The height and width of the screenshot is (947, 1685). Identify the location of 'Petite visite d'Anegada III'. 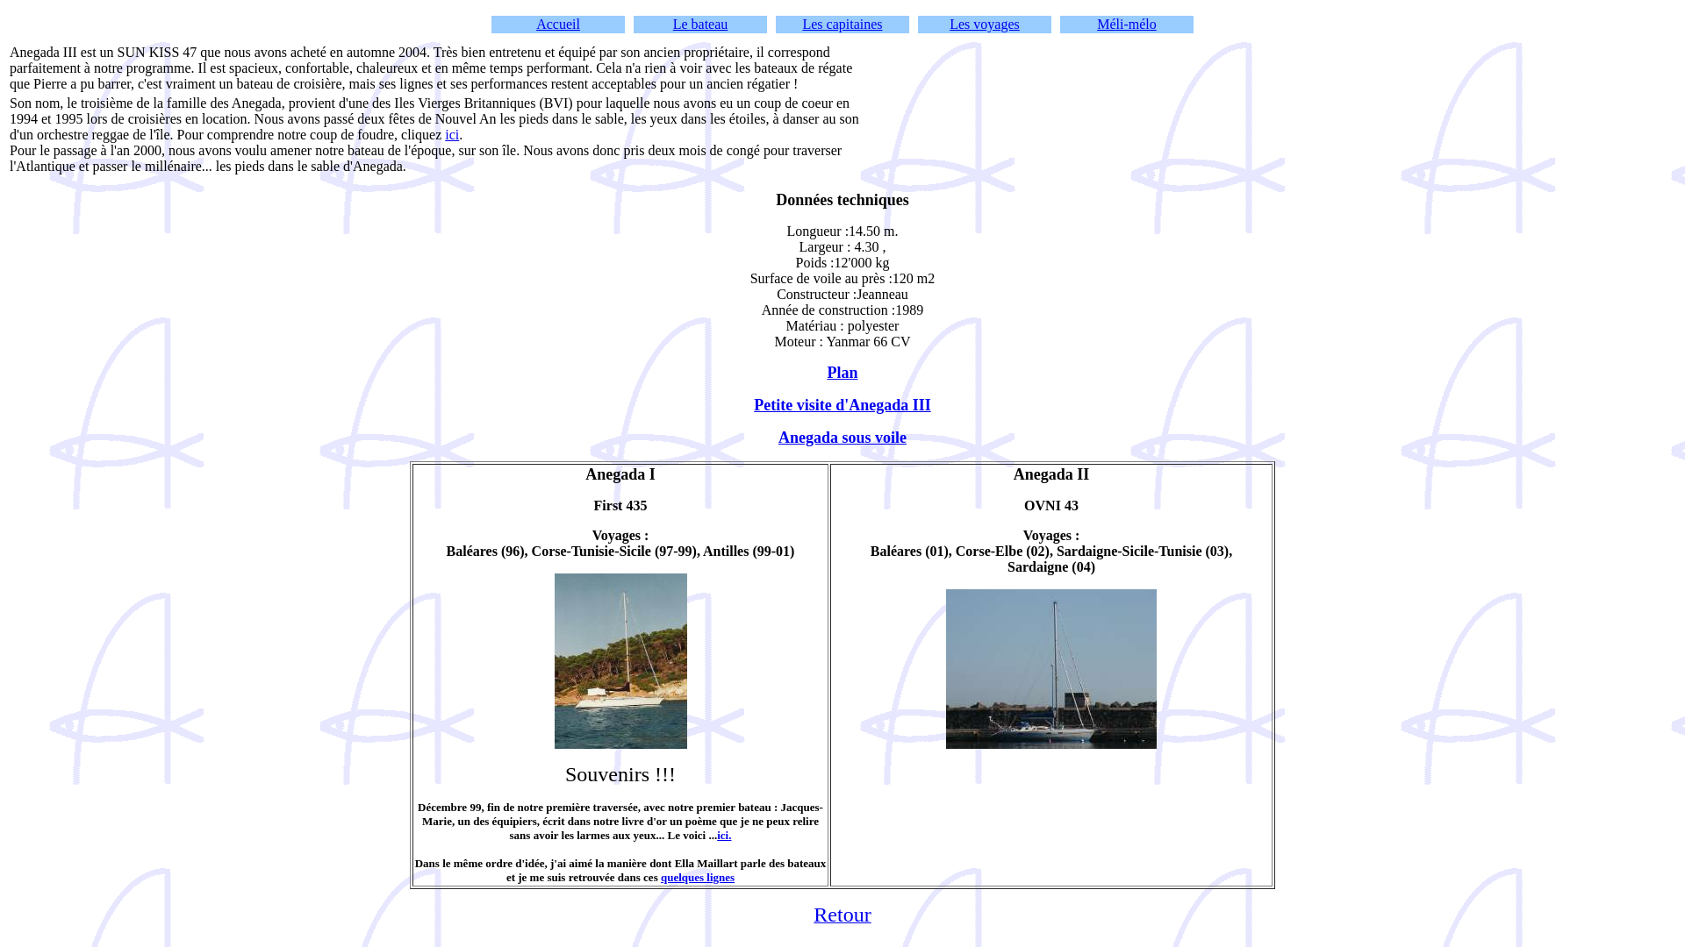
(842, 405).